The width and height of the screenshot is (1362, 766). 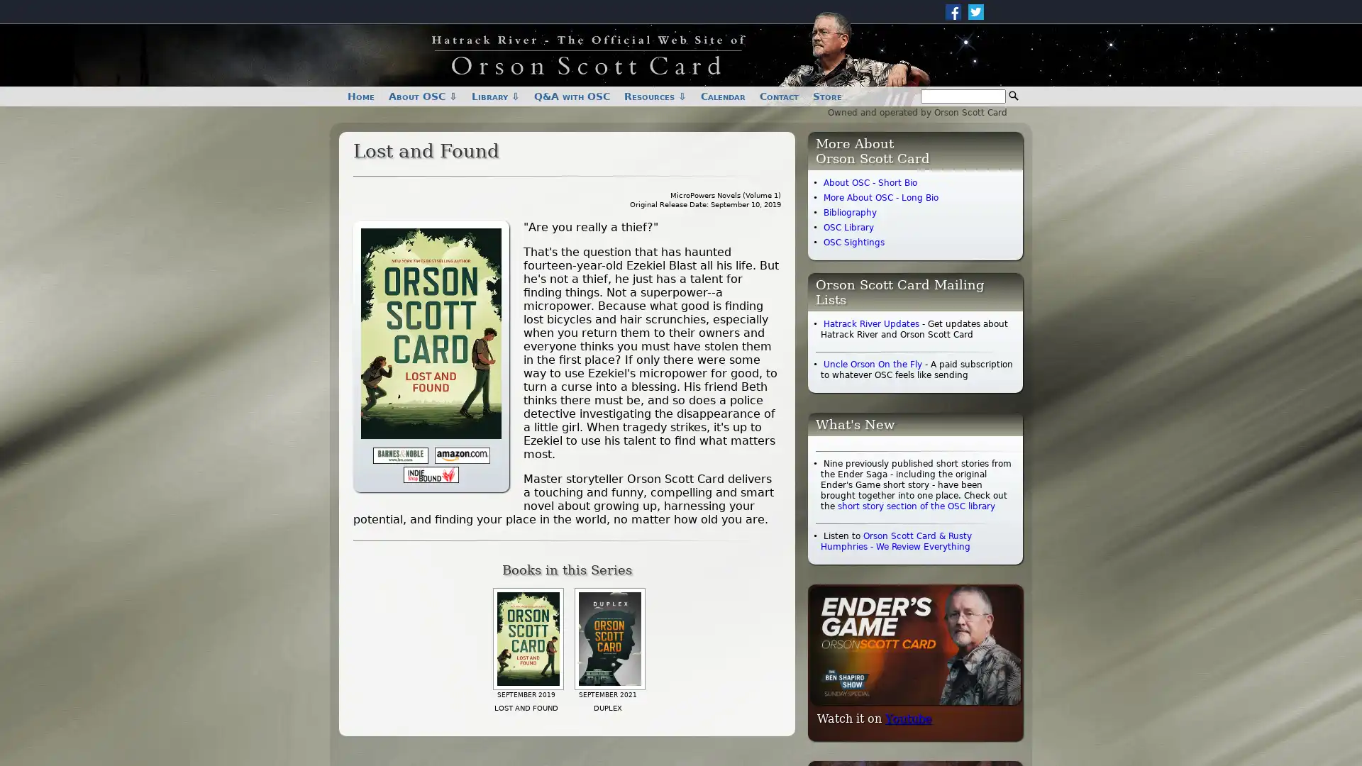 What do you see at coordinates (1013, 96) in the screenshot?
I see `Submit` at bounding box center [1013, 96].